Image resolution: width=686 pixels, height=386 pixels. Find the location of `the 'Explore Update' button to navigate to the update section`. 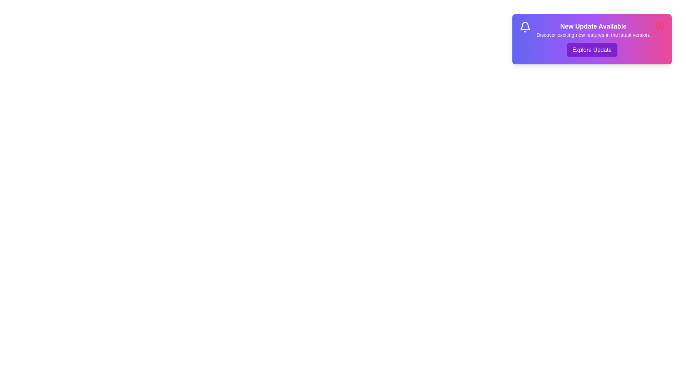

the 'Explore Update' button to navigate to the update section is located at coordinates (592, 49).